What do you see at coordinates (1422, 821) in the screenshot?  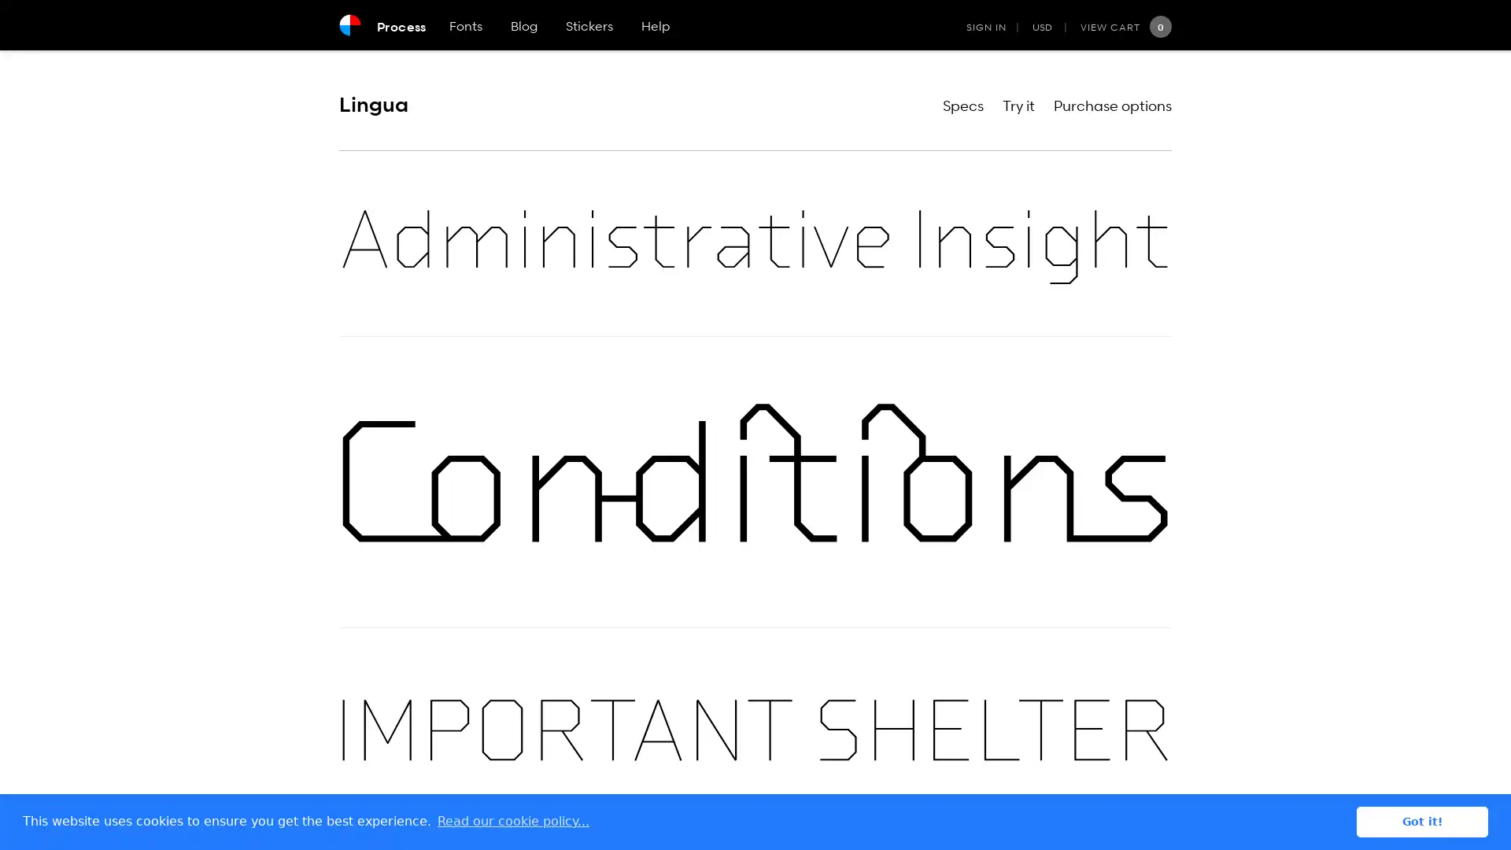 I see `dismiss cookie message` at bounding box center [1422, 821].